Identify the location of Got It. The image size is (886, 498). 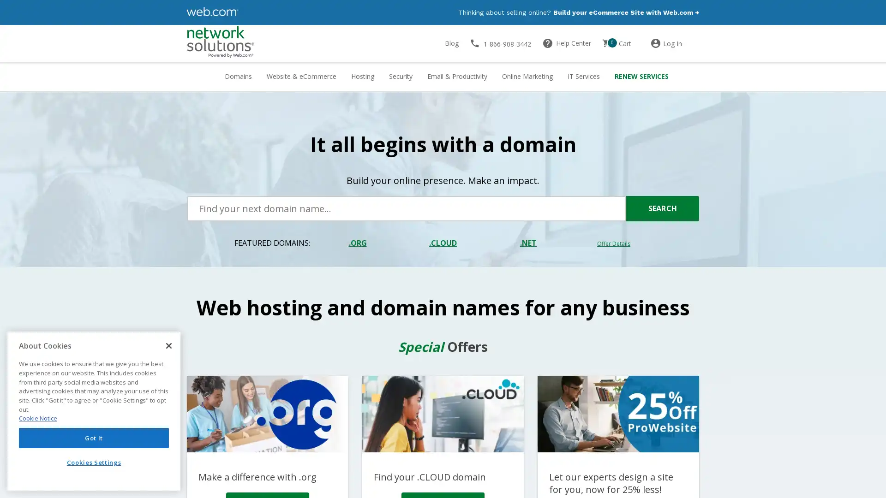
(94, 437).